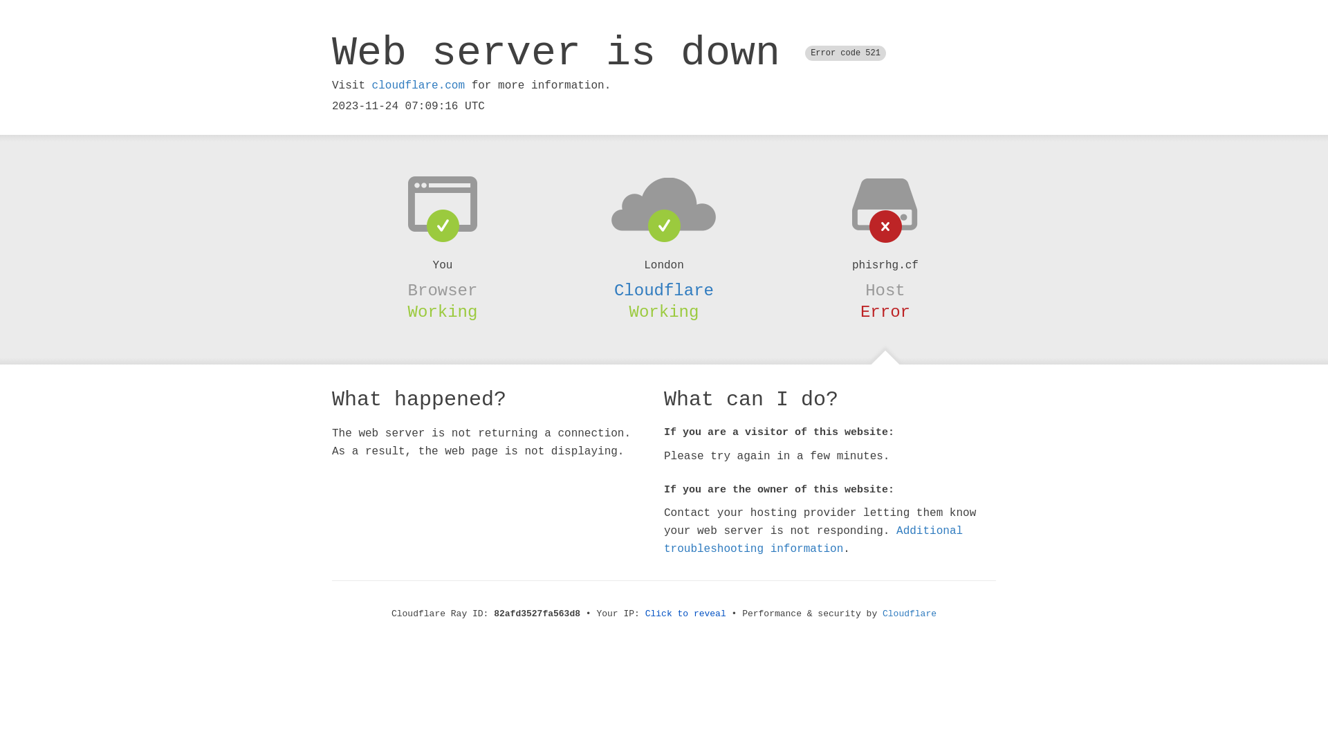 The image size is (1328, 747). Describe the element at coordinates (371, 85) in the screenshot. I see `'cloudflare.com'` at that location.